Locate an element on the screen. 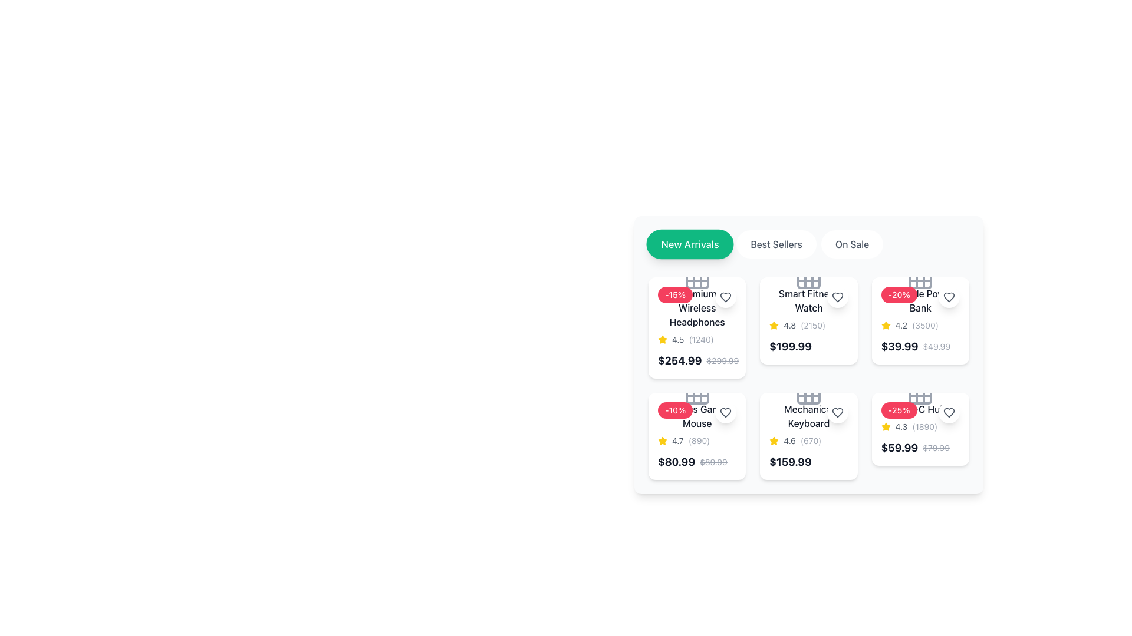  the red badge displaying '-10%' with white text, located near the top-left corner of the second card in the left column of the product grid is located at coordinates (675, 410).